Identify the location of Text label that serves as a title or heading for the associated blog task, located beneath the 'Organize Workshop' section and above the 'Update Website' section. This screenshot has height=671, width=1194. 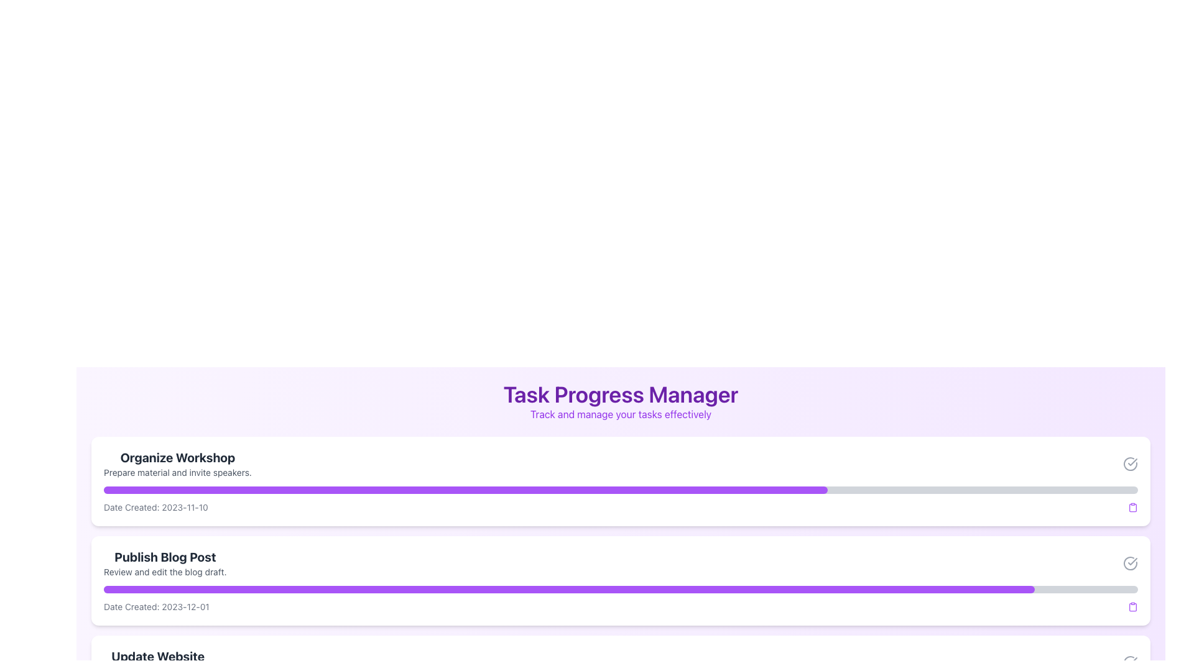
(164, 557).